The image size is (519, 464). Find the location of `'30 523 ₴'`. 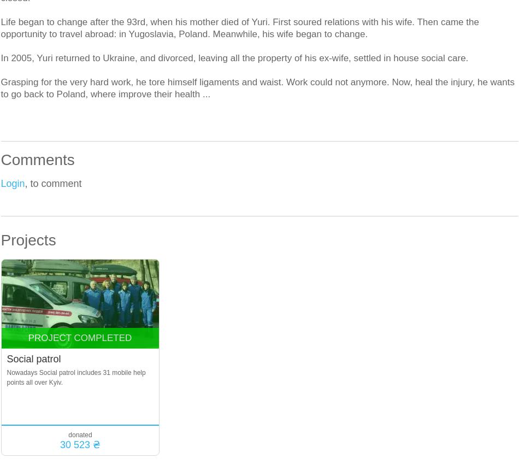

'30 523 ₴' is located at coordinates (80, 445).